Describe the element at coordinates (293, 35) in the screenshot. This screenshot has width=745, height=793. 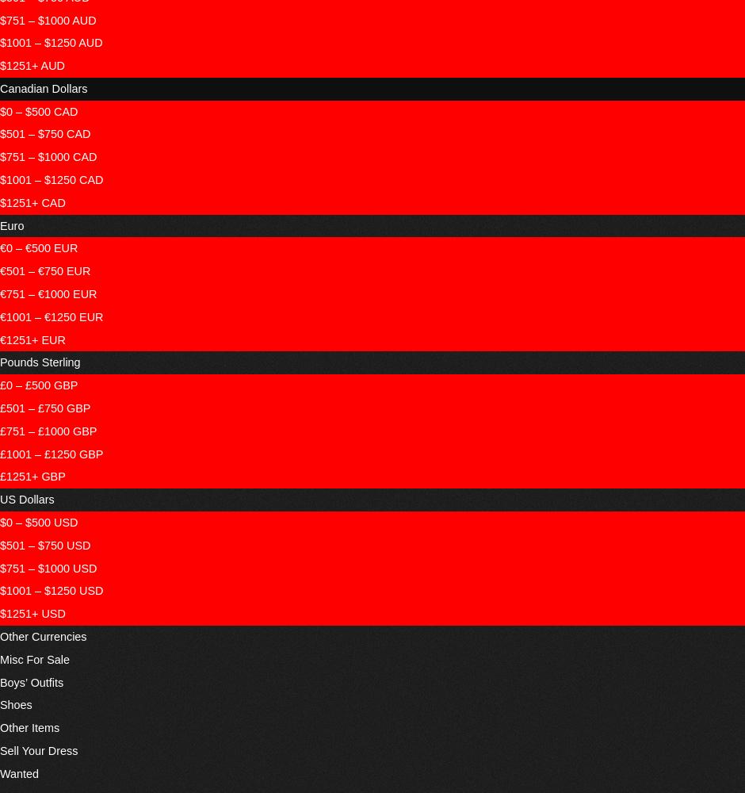
I see `'With thanks to'` at that location.